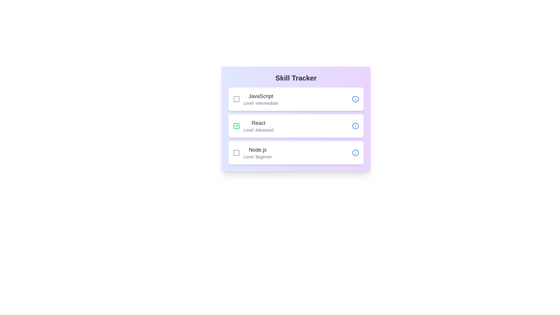 This screenshot has width=560, height=315. Describe the element at coordinates (355, 126) in the screenshot. I see `information icon next to the skill React` at that location.